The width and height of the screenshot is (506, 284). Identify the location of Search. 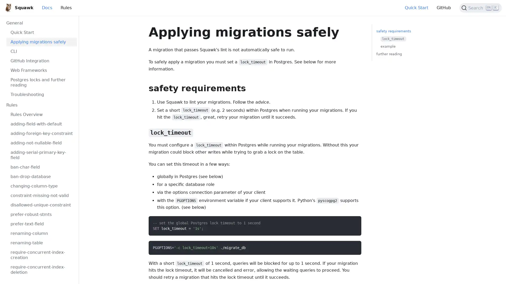
(480, 8).